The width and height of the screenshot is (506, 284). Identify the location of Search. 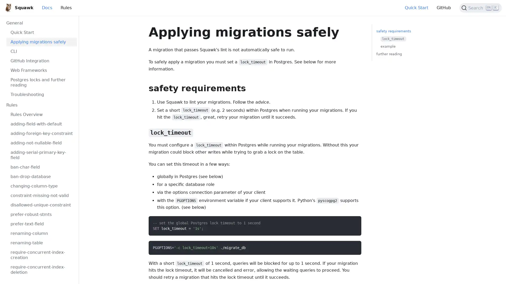
(480, 8).